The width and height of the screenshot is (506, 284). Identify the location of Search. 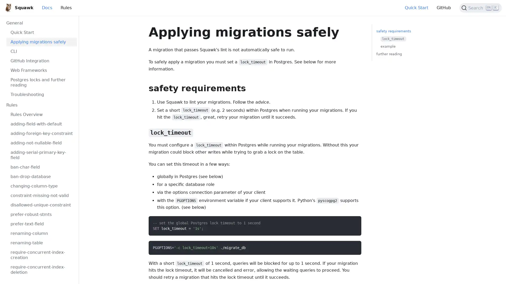
(480, 8).